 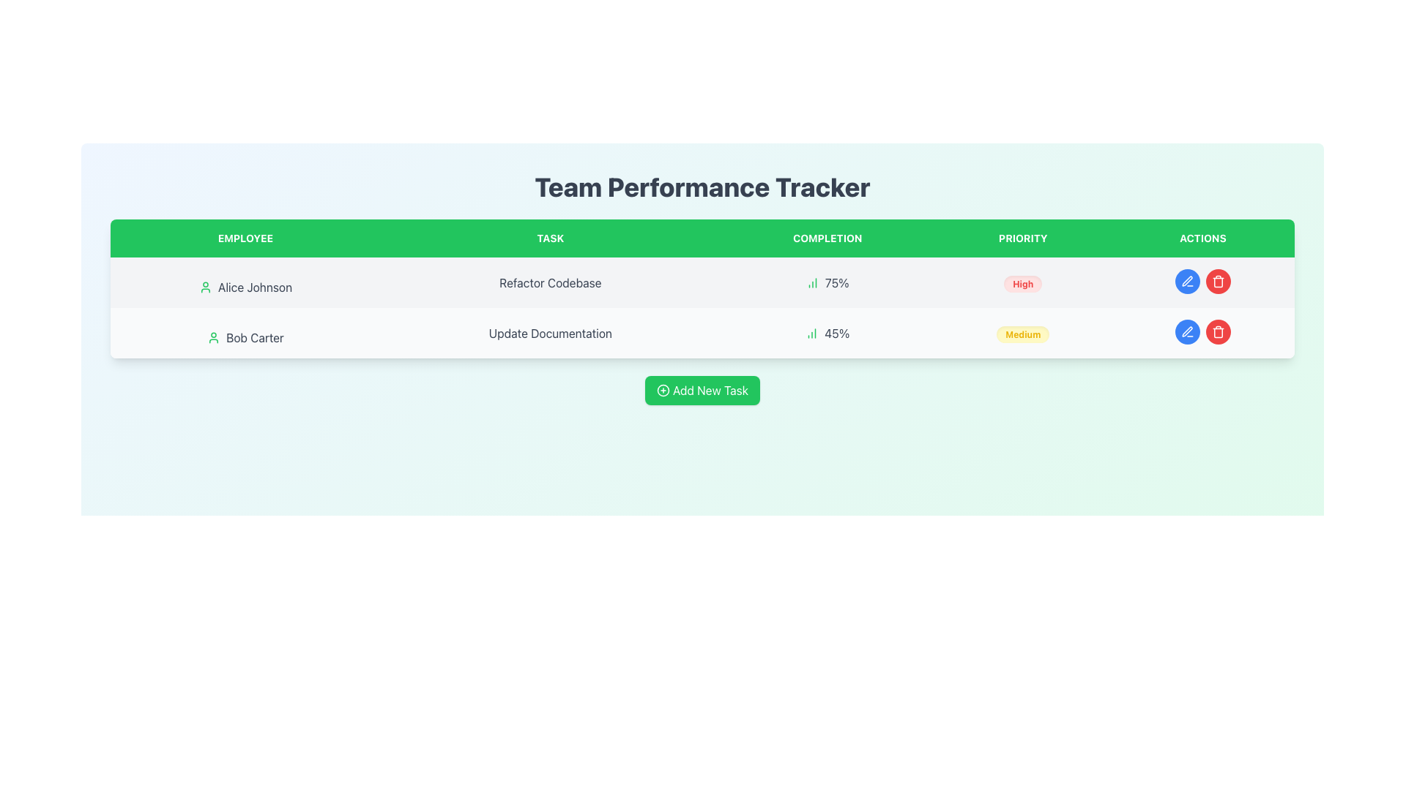 I want to click on the action group buttons in the table row associated with 'Alice Johnson' by tabbing through the elements, so click(x=1202, y=282).